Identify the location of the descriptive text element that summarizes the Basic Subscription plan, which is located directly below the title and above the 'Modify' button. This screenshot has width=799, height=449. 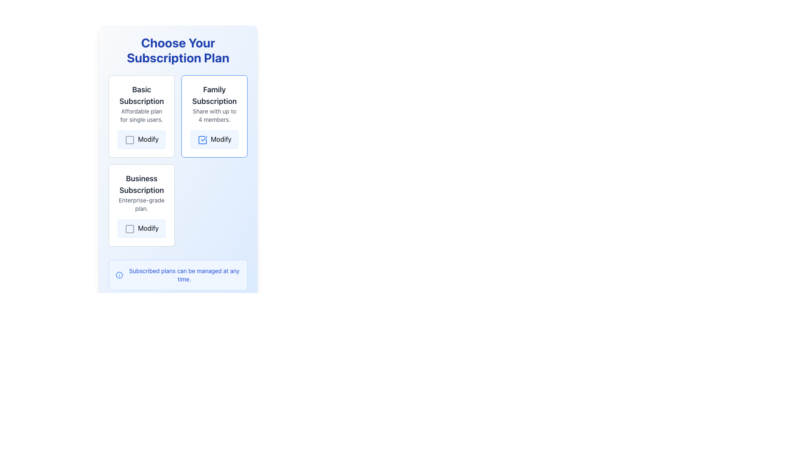
(141, 115).